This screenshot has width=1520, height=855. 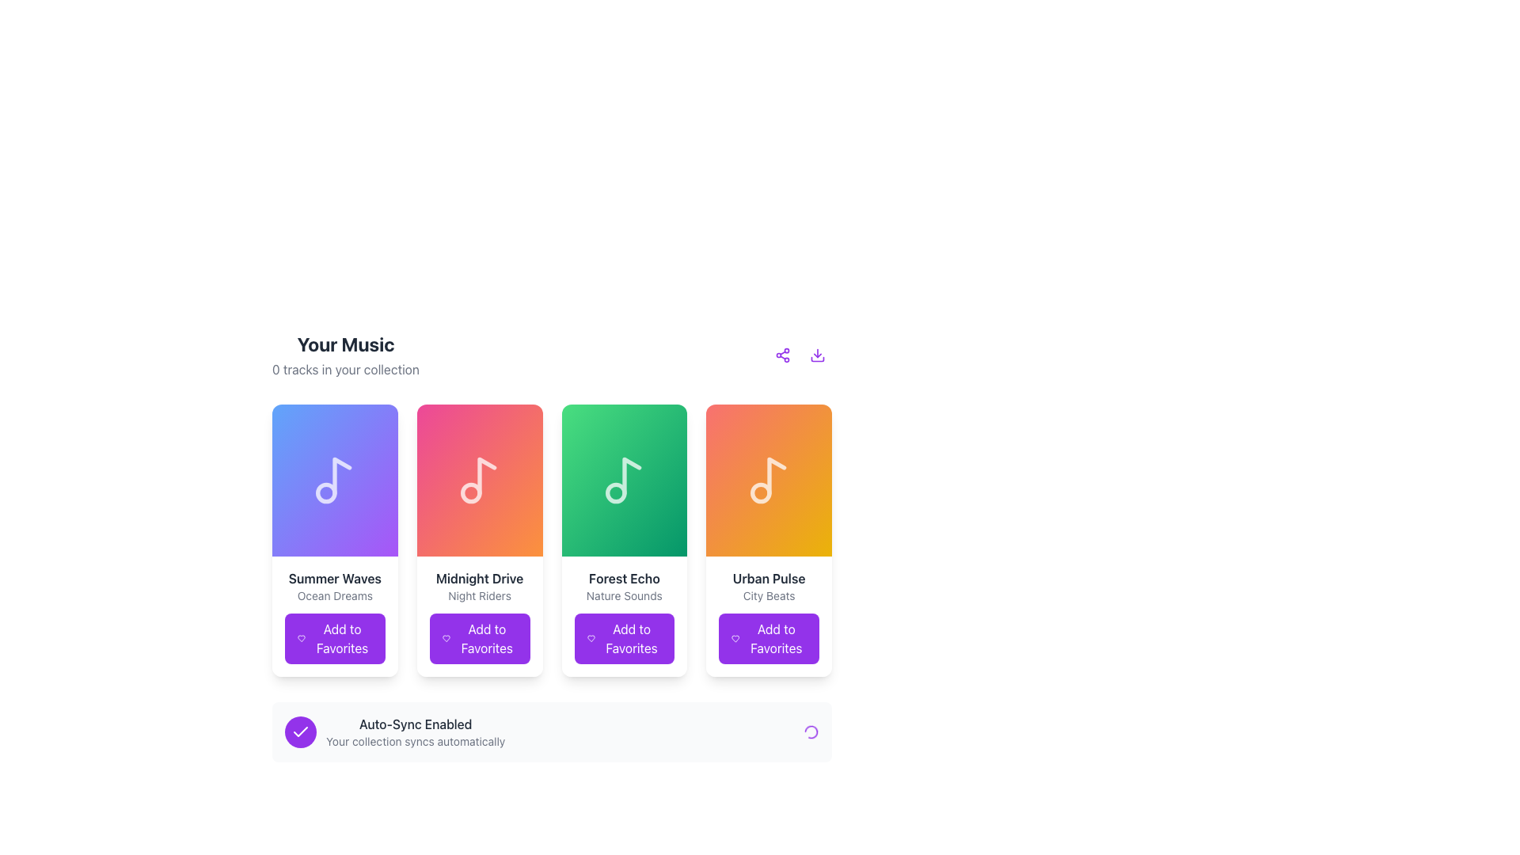 I want to click on the favorite button located at the bottom of the 'Forest Echo' card, so click(x=623, y=637).